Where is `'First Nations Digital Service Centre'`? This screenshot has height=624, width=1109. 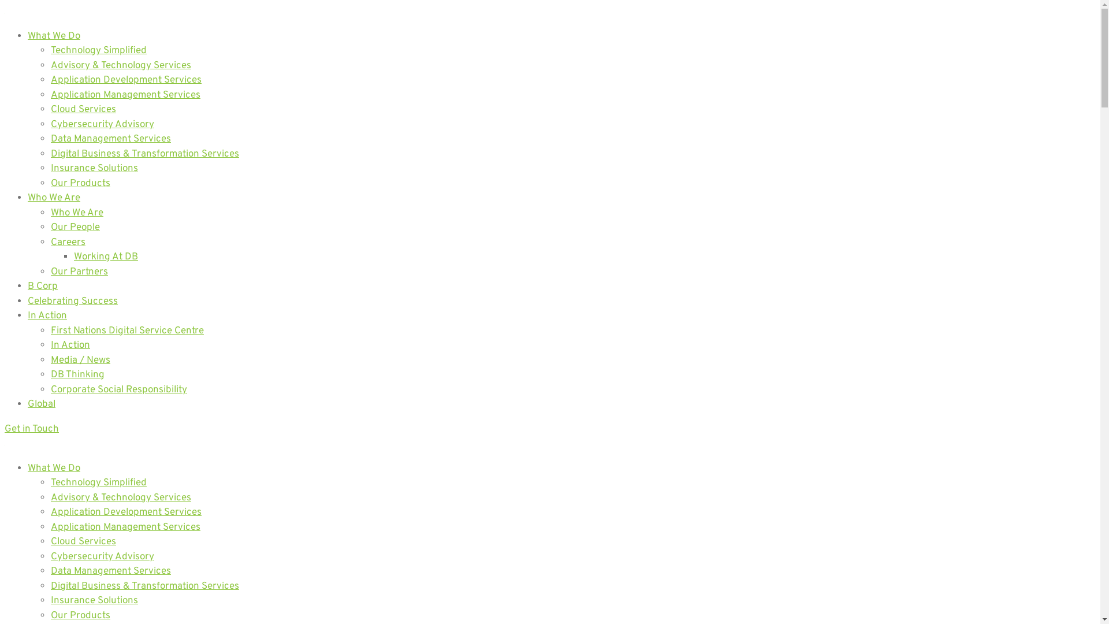
'First Nations Digital Service Centre' is located at coordinates (127, 331).